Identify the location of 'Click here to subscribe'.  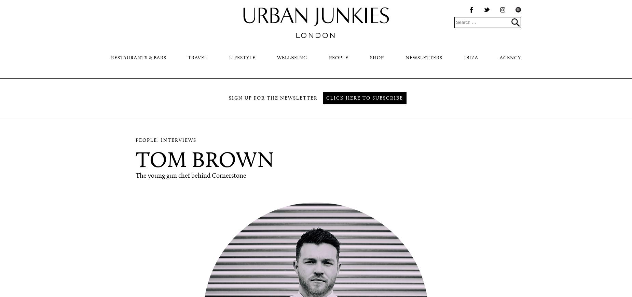
(364, 98).